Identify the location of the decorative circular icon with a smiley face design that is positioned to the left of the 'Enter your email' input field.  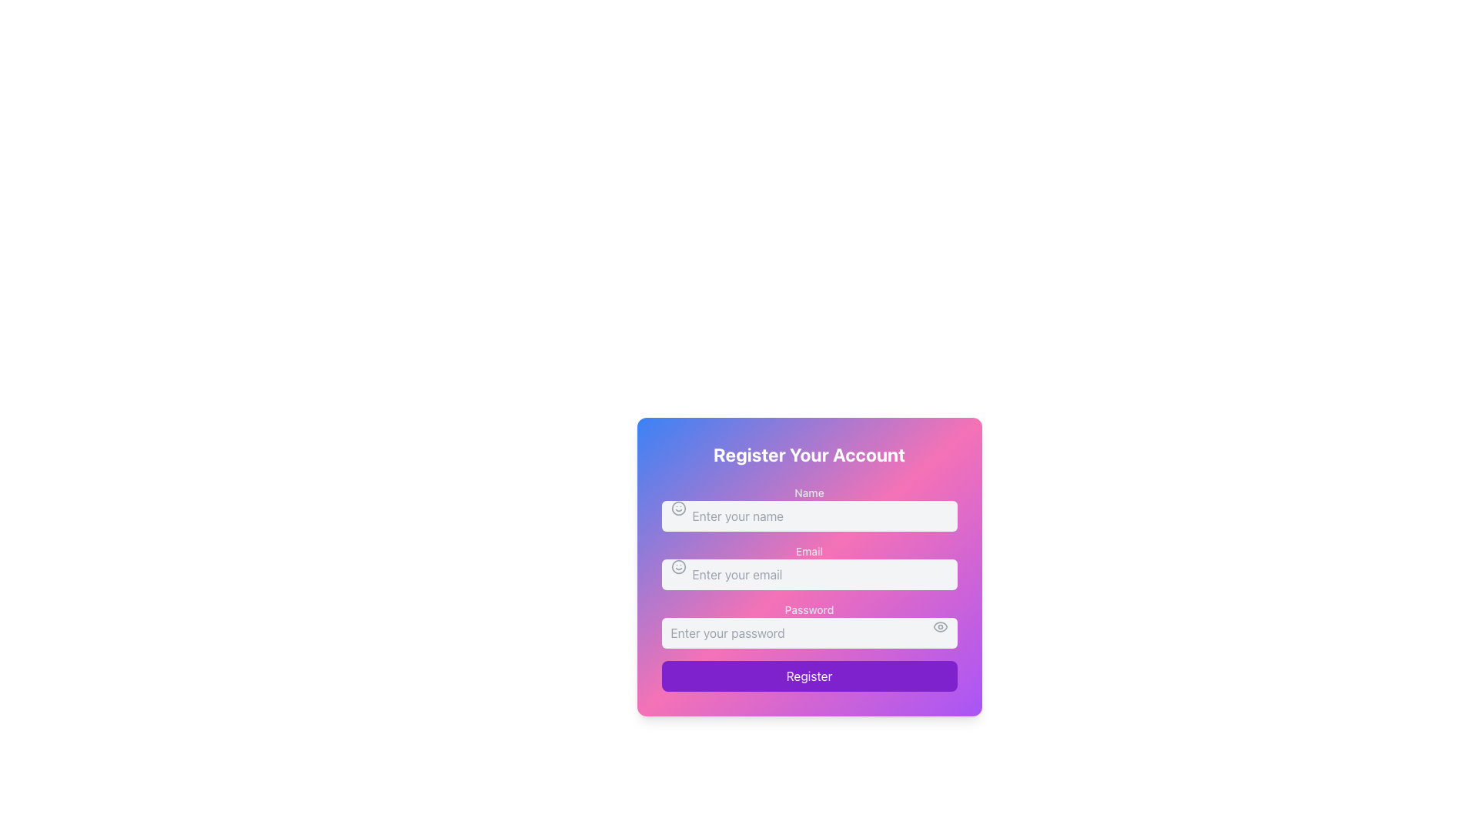
(677, 566).